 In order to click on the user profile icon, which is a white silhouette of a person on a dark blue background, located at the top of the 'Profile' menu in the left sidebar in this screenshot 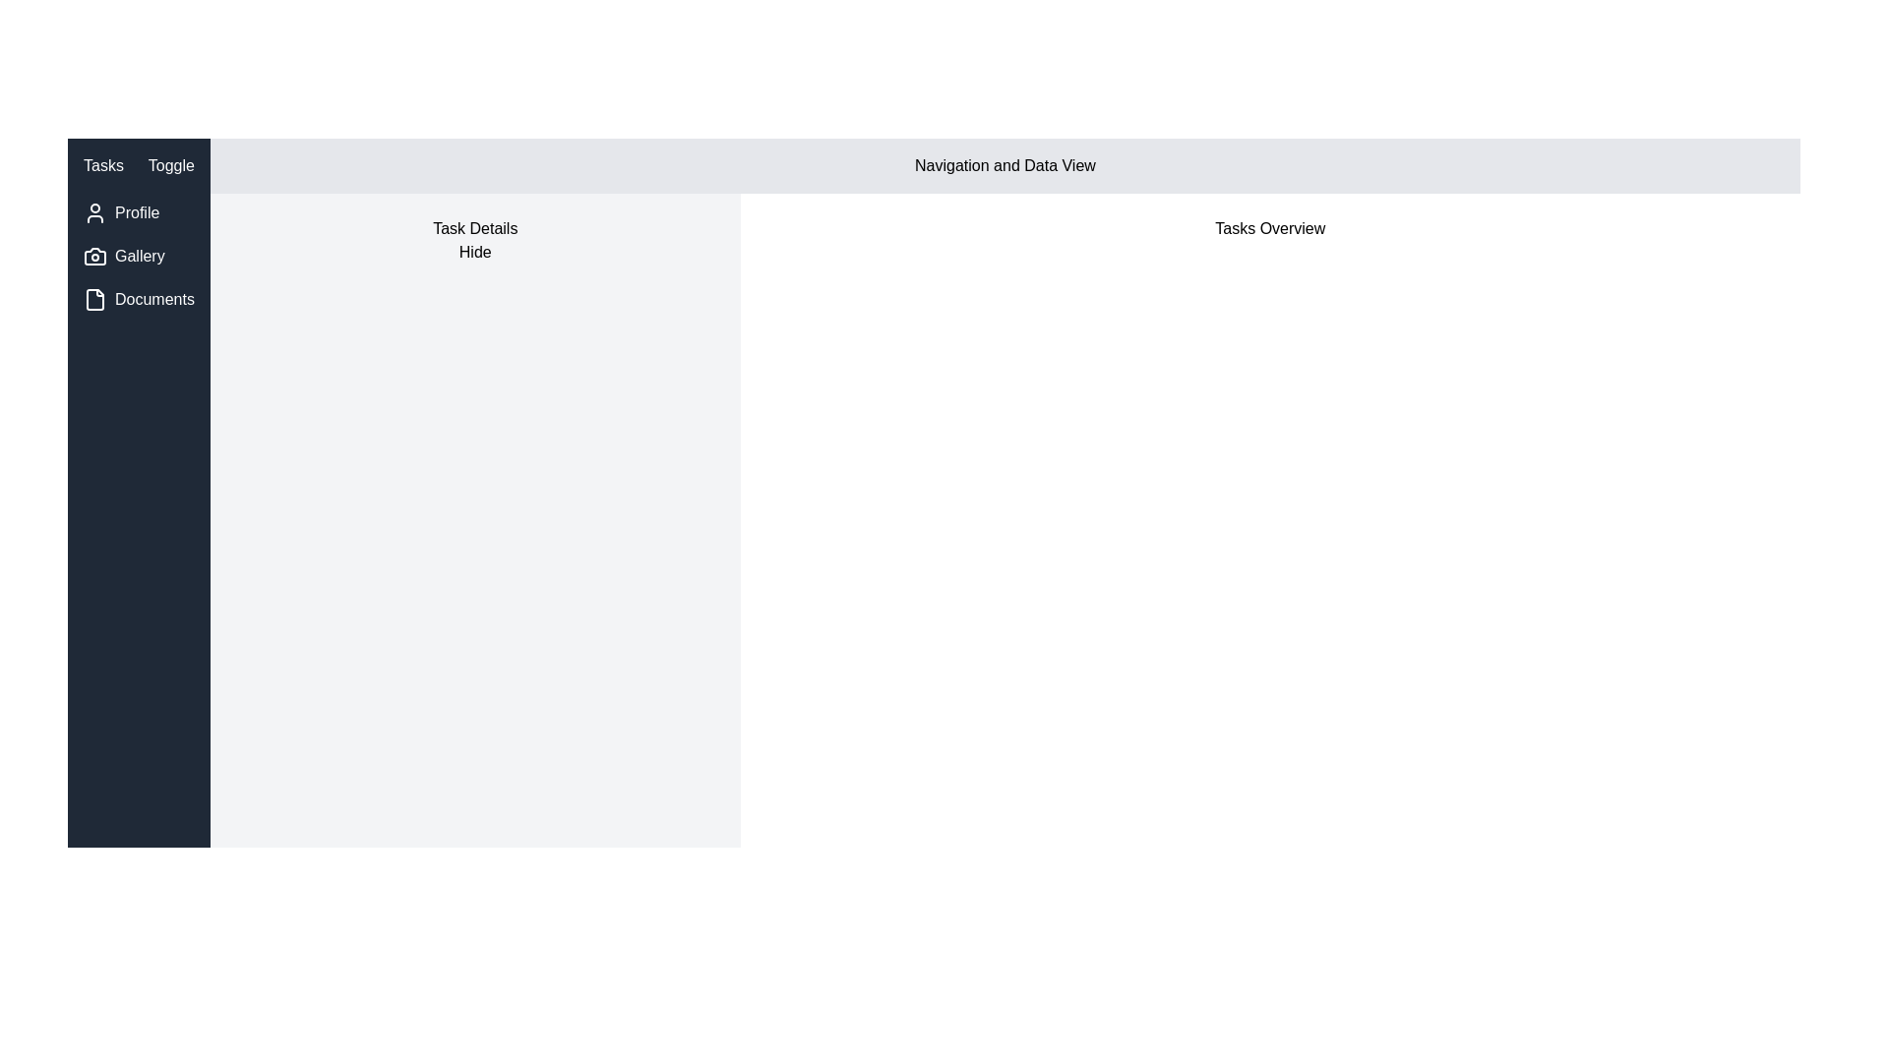, I will do `click(93, 212)`.